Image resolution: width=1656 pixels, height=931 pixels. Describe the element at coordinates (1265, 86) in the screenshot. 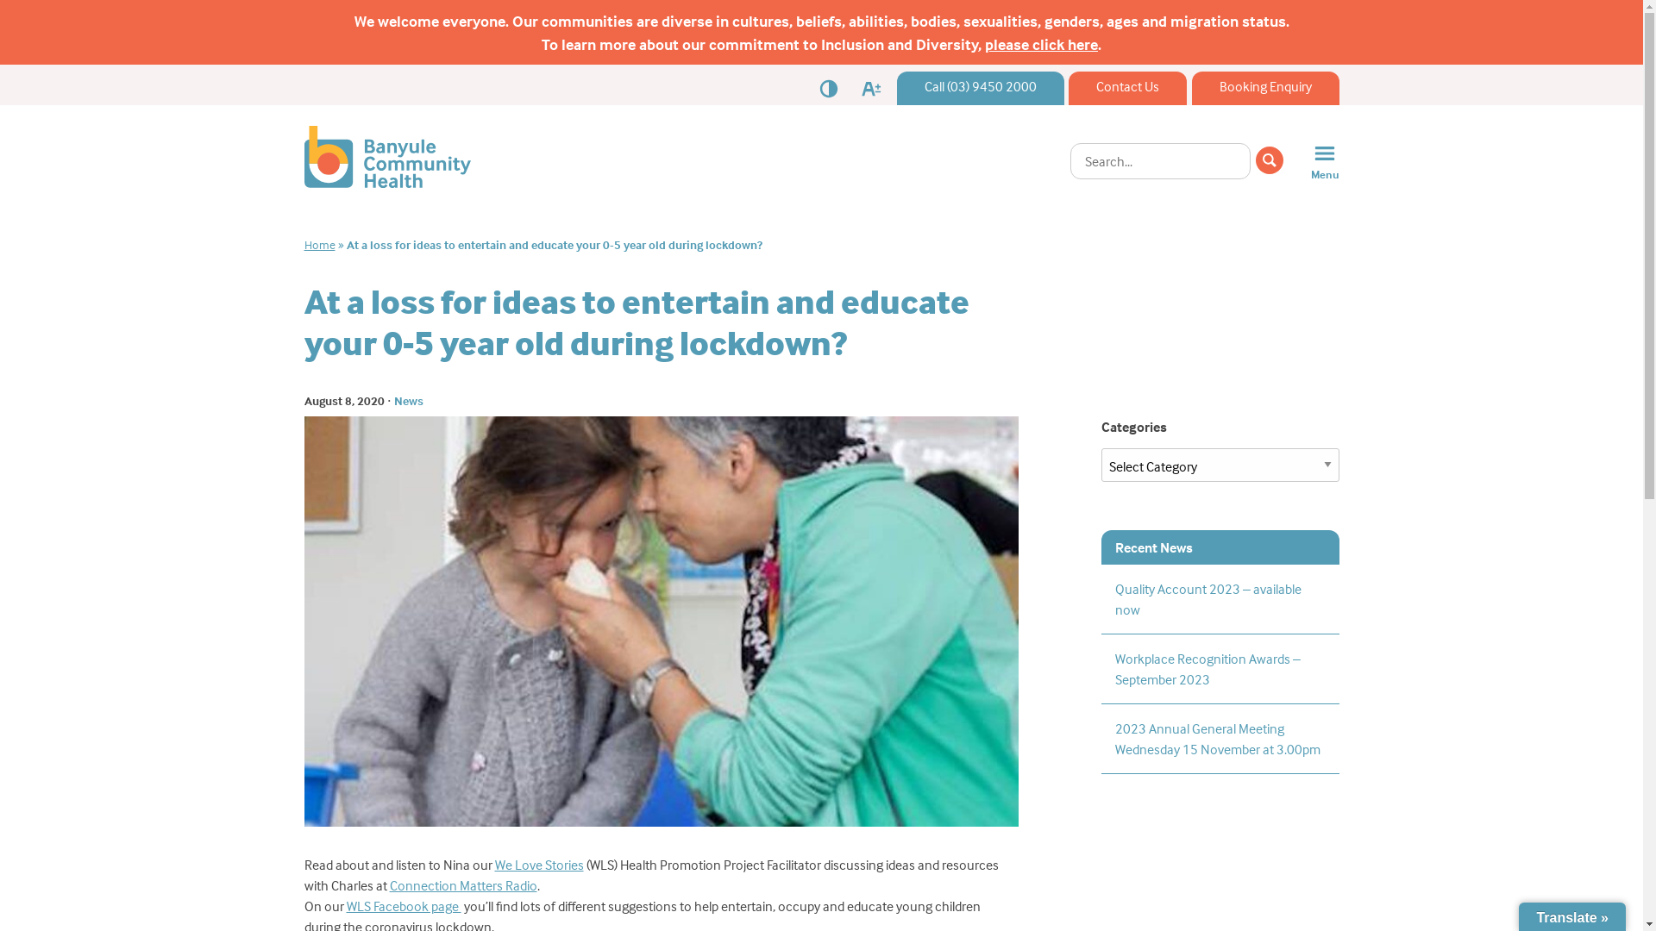

I see `'Booking Enquiry'` at that location.